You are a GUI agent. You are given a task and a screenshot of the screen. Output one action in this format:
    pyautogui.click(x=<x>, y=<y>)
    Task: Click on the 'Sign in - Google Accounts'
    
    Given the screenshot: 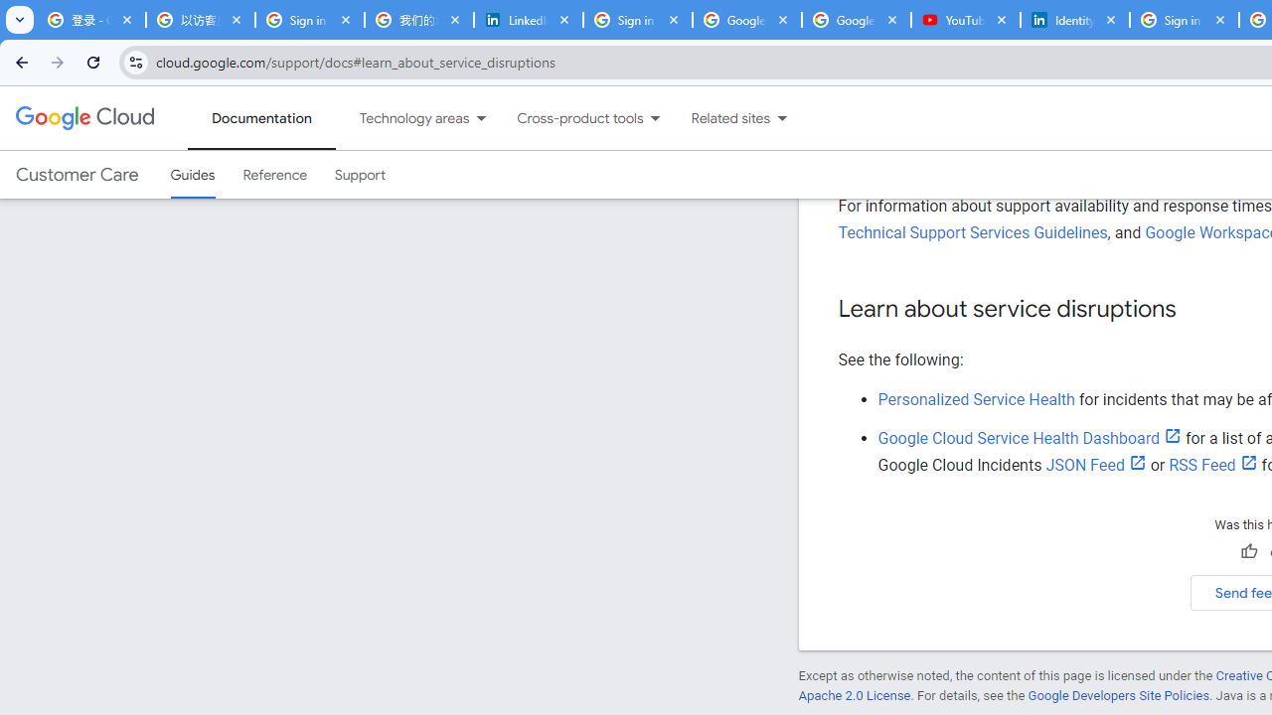 What is the action you would take?
    pyautogui.click(x=638, y=20)
    